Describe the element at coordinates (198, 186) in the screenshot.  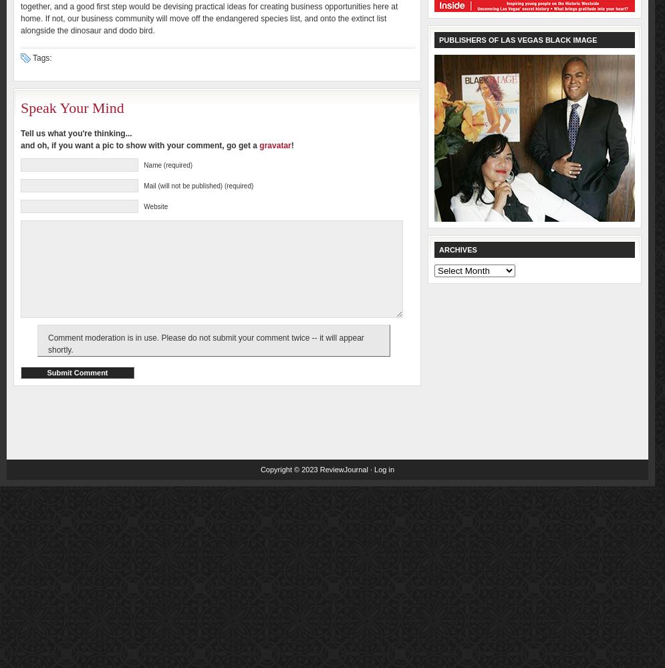
I see `'Mail (will not be published) (required)'` at that location.